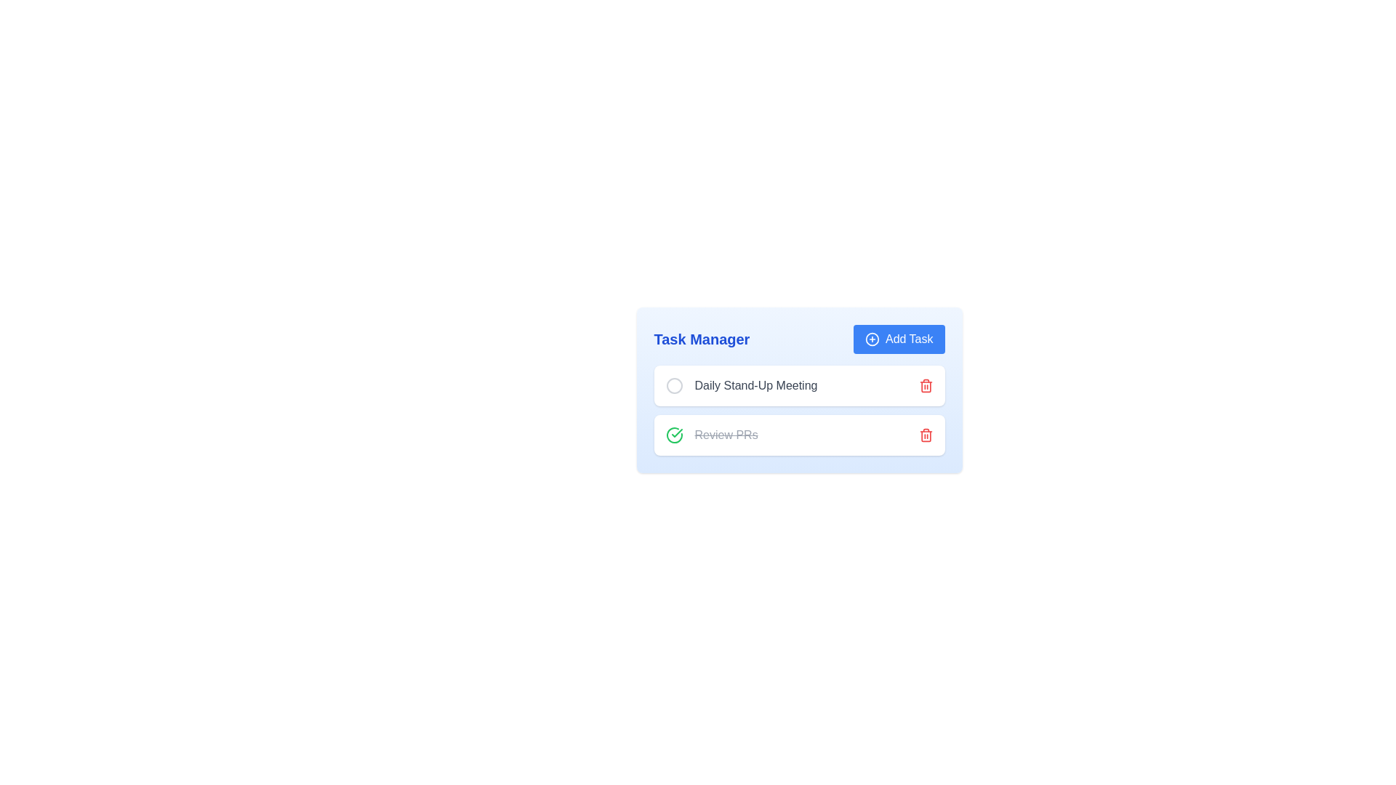  I want to click on the circular checkbox or toggle indicator located to the left of the 'Daily Stand-Up Meeting' label in the task list, so click(673, 385).